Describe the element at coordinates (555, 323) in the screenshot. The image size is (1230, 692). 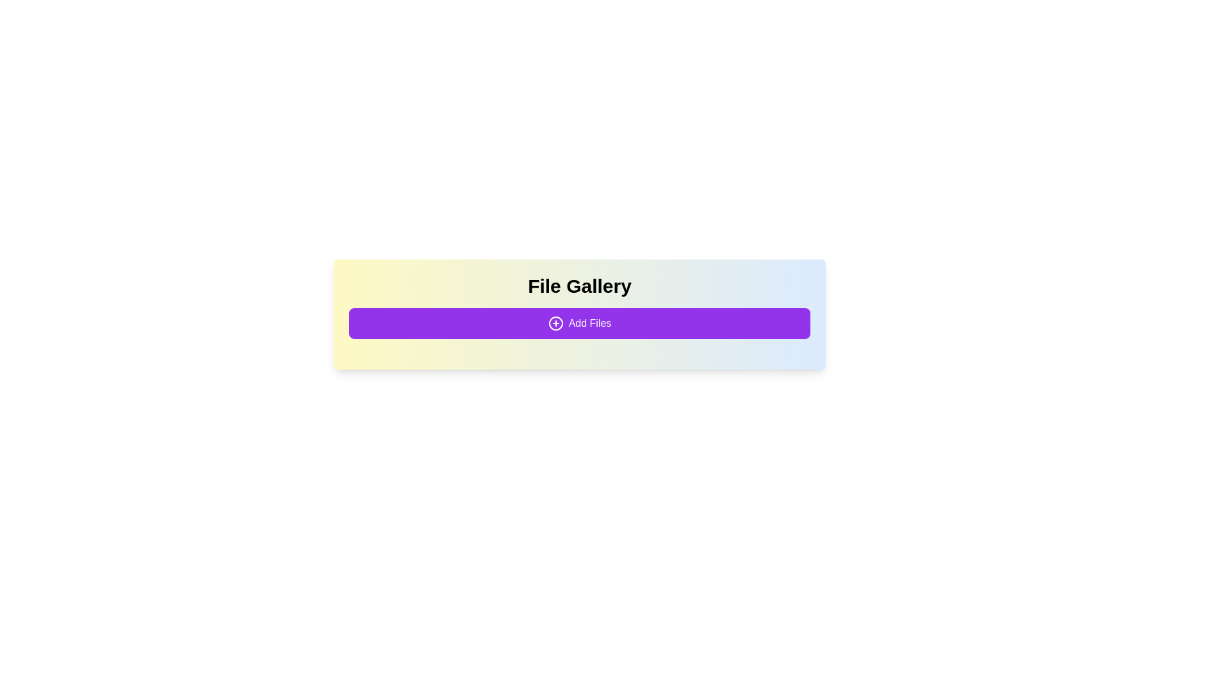
I see `the icon that indicates the ability` at that location.